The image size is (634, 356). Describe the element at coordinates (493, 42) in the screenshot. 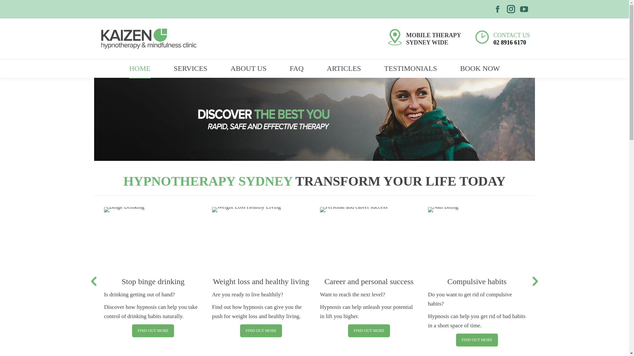

I see `'02 8916 6170'` at that location.